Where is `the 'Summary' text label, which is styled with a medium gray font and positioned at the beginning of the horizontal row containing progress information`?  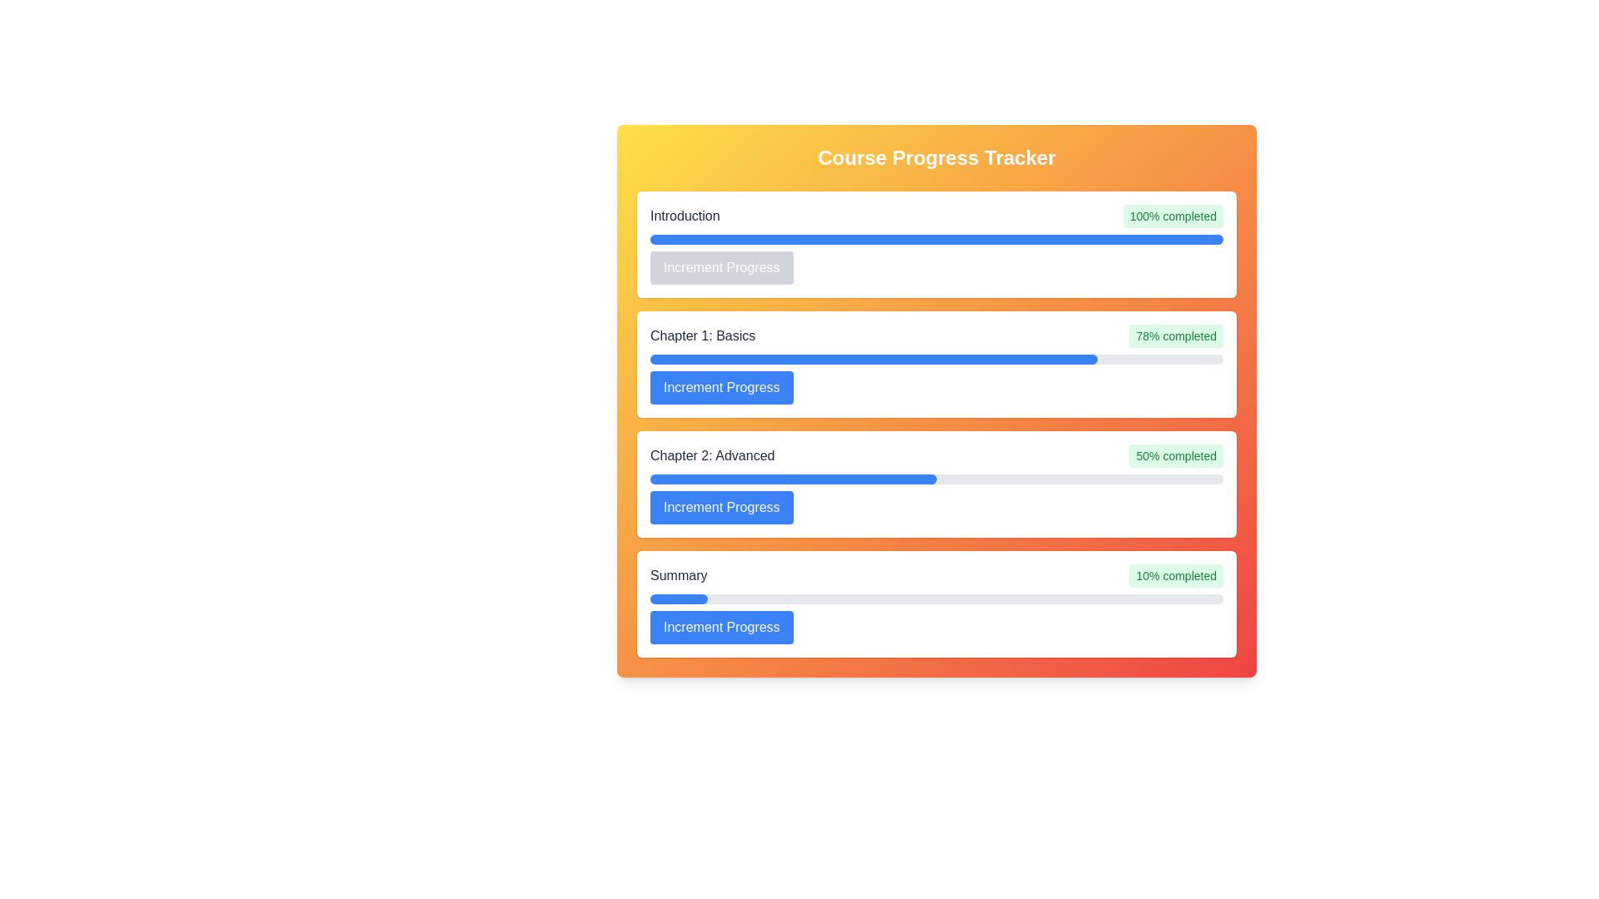
the 'Summary' text label, which is styled with a medium gray font and positioned at the beginning of the horizontal row containing progress information is located at coordinates (679, 574).